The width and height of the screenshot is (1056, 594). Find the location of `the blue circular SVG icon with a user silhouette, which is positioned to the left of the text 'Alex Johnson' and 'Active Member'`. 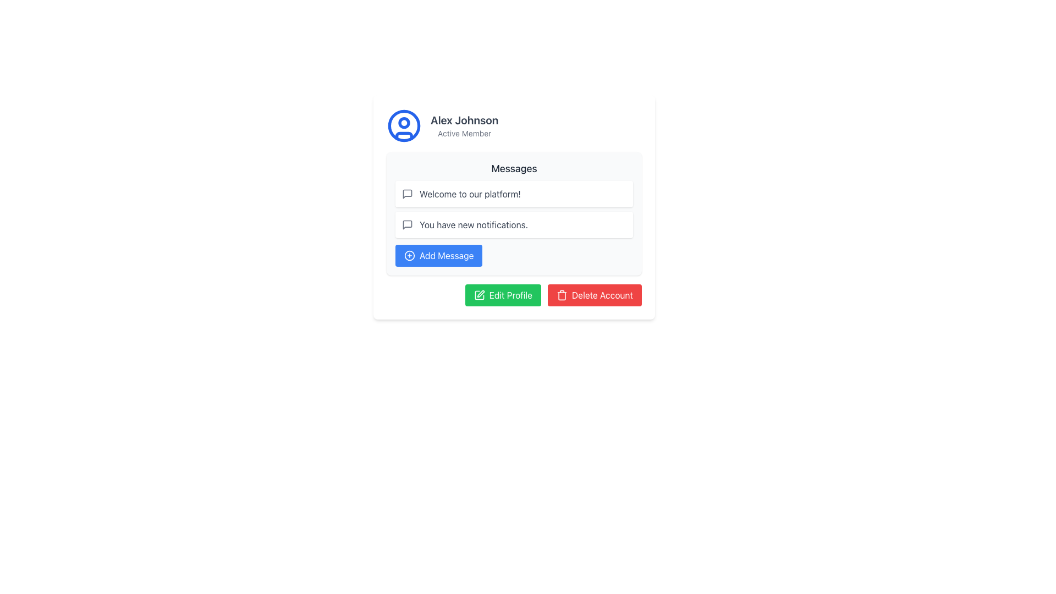

the blue circular SVG icon with a user silhouette, which is positioned to the left of the text 'Alex Johnson' and 'Active Member' is located at coordinates (403, 125).